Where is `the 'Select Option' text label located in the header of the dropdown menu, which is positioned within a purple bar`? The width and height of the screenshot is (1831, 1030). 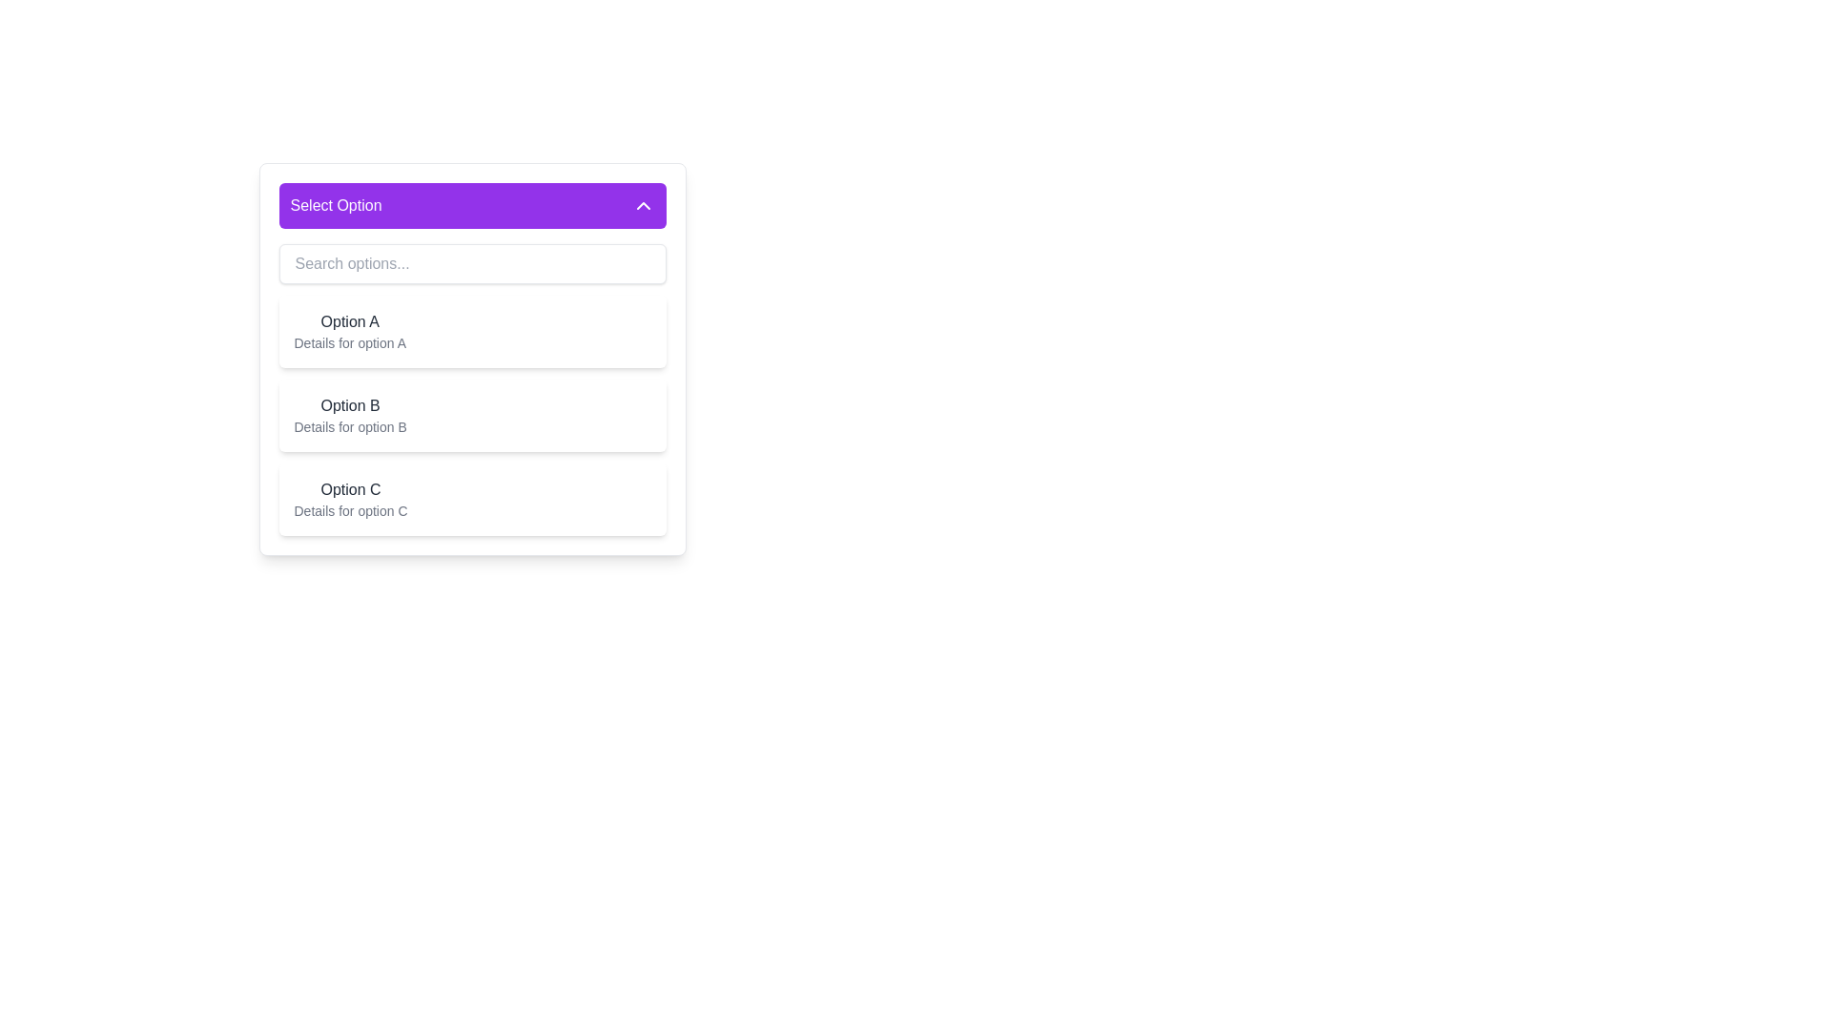
the 'Select Option' text label located in the header of the dropdown menu, which is positioned within a purple bar is located at coordinates (336, 206).